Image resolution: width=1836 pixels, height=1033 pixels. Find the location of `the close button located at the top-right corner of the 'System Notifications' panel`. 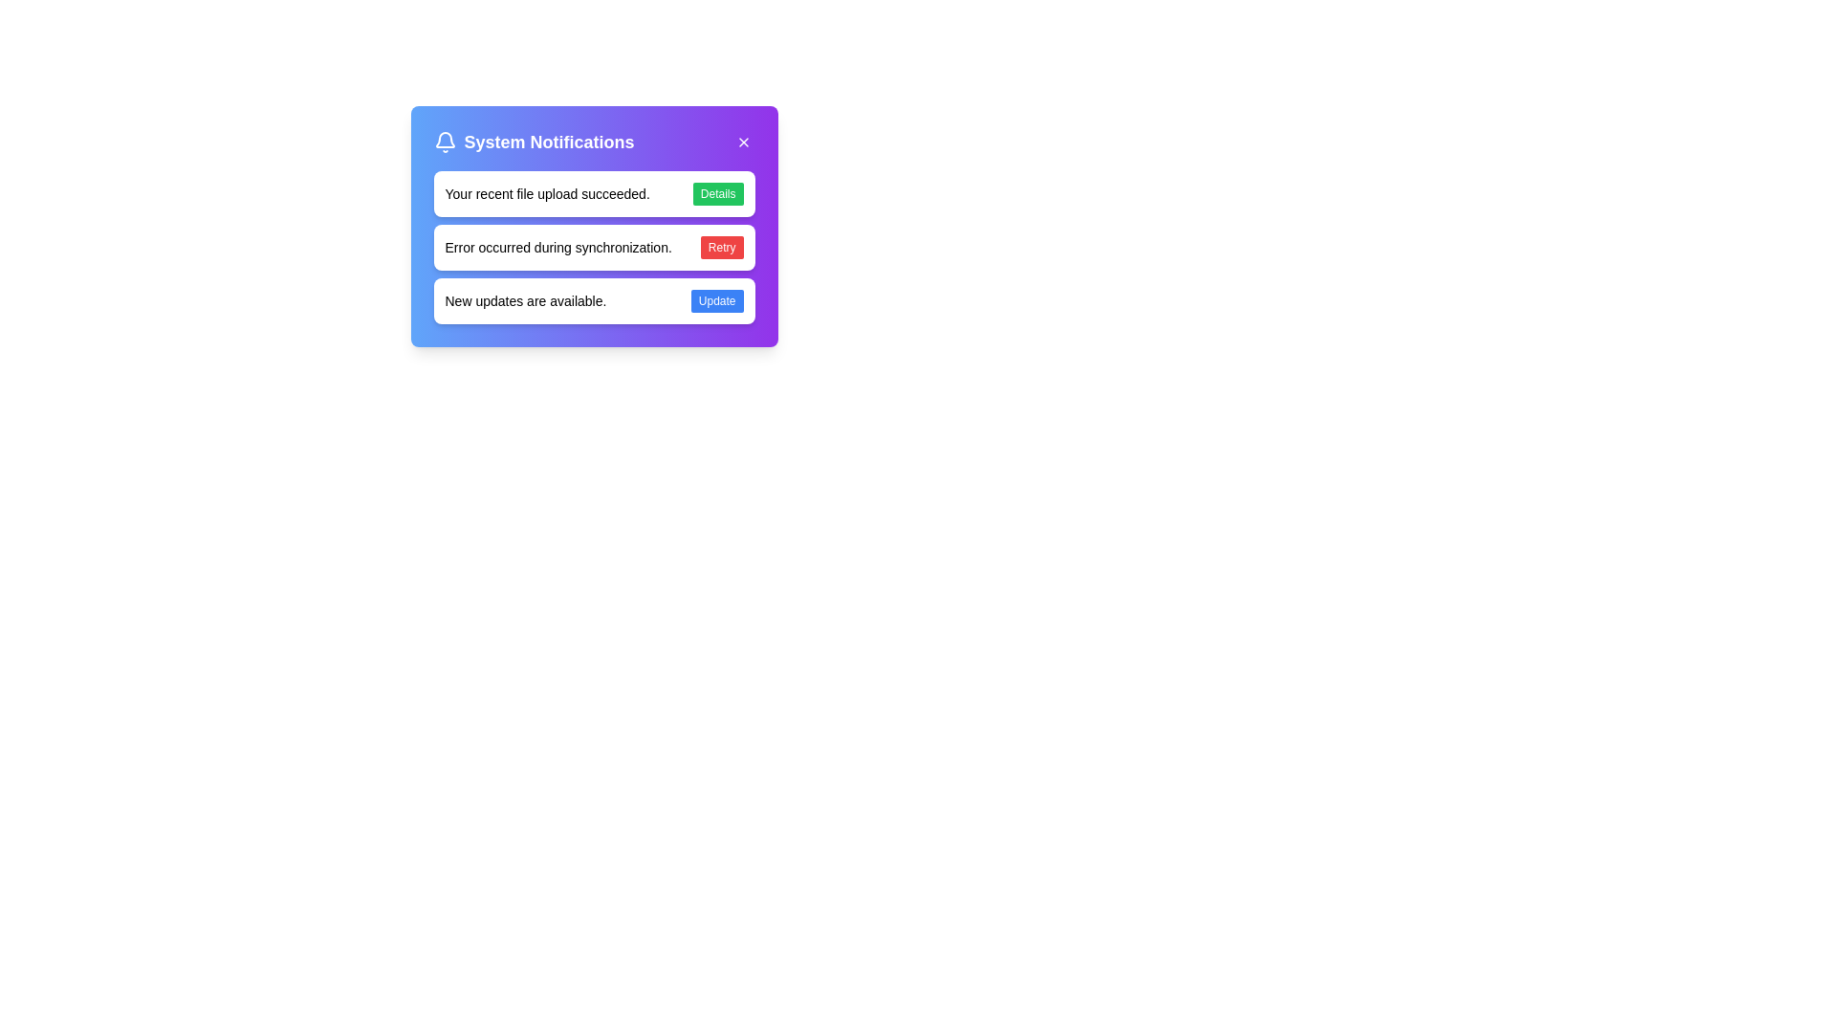

the close button located at the top-right corner of the 'System Notifications' panel is located at coordinates (742, 142).